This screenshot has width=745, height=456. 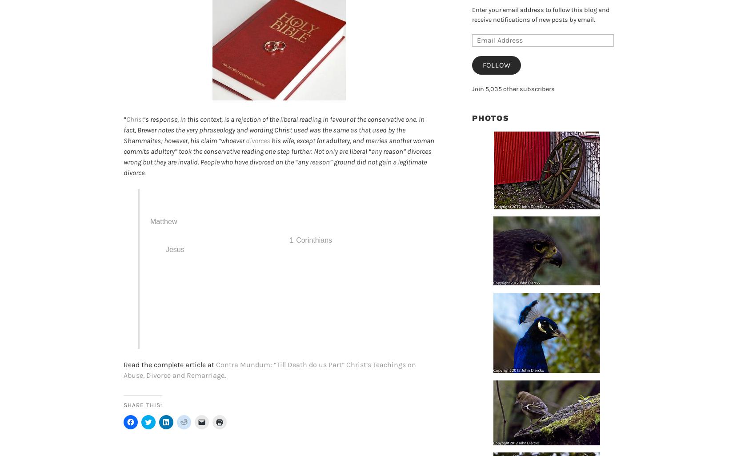 What do you see at coordinates (281, 263) in the screenshot?
I see `'’. Taken in its context, Jesus was not condemning a person who, after being abandoned, walked away from the marriage and remarried. Material and physical neglect as a ground of divorce was not in question. In Jesus’ teaching he was simply rejecting the “any reason” approach of the liberal school.'` at bounding box center [281, 263].